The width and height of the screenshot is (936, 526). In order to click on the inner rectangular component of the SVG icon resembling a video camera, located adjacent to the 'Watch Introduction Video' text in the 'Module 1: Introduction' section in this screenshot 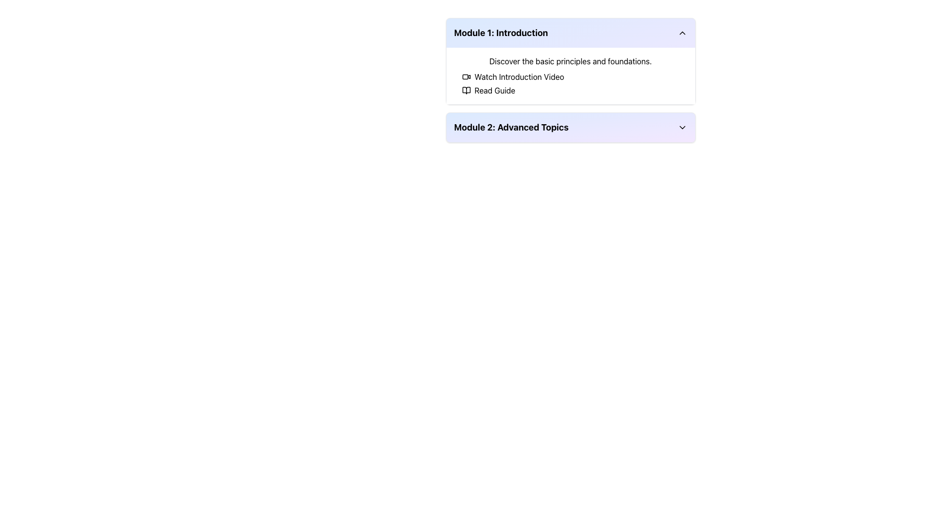, I will do `click(465, 76)`.